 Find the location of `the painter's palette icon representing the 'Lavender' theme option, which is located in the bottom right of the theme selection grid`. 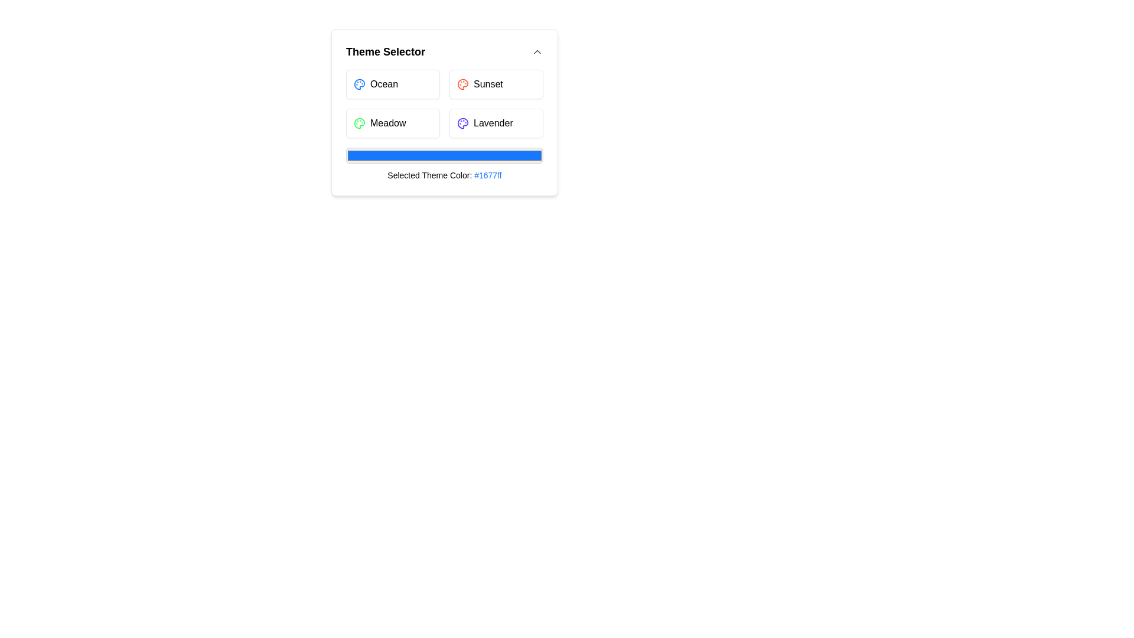

the painter's palette icon representing the 'Lavender' theme option, which is located in the bottom right of the theme selection grid is located at coordinates (462, 123).